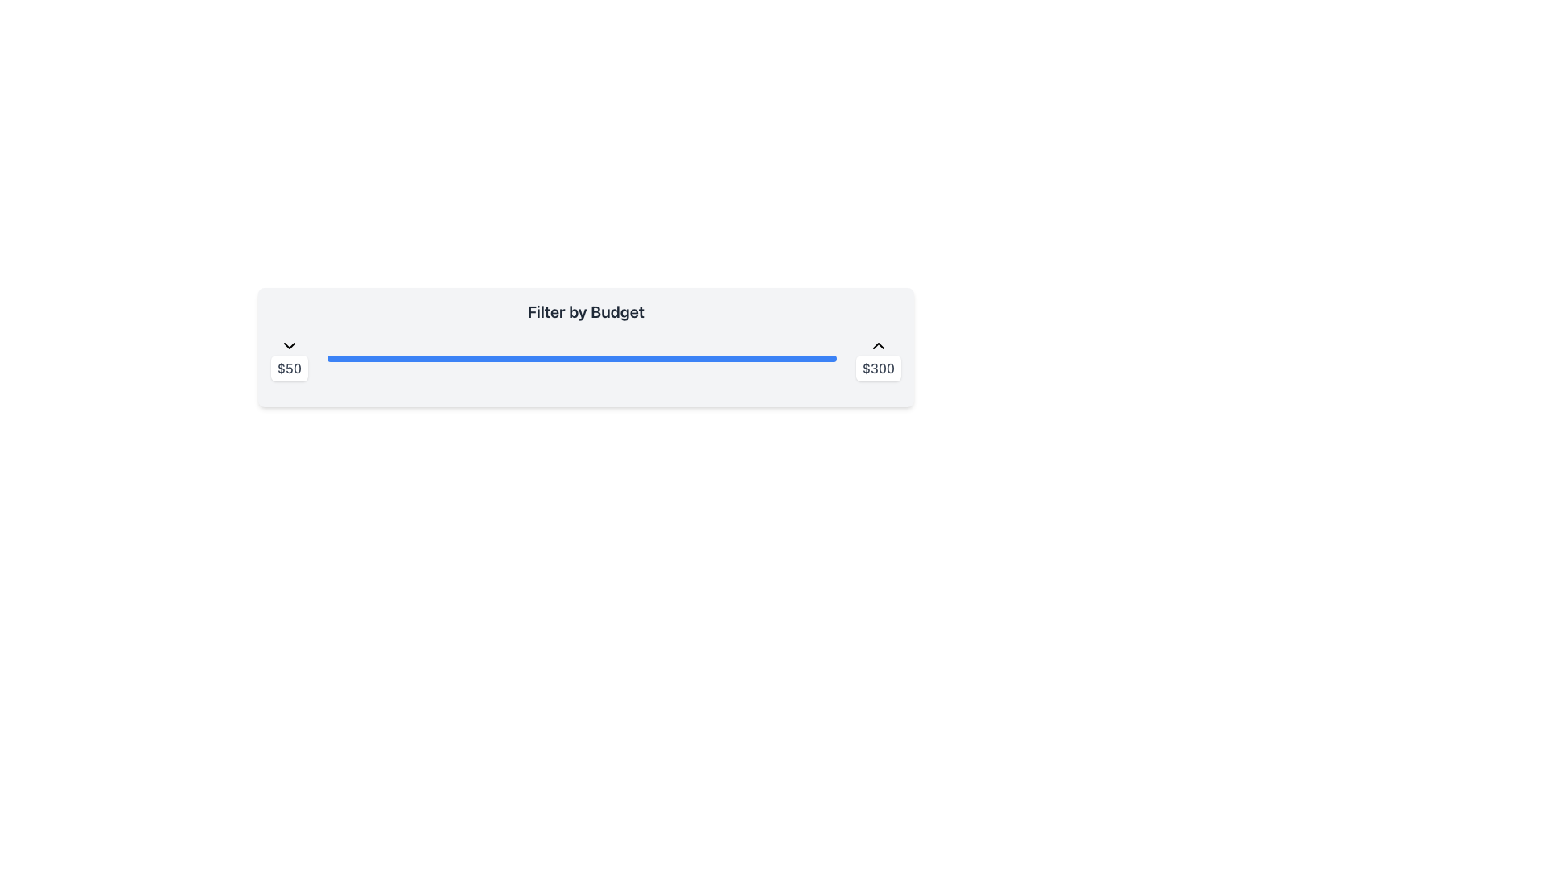  What do you see at coordinates (465, 358) in the screenshot?
I see `the value of the slider` at bounding box center [465, 358].